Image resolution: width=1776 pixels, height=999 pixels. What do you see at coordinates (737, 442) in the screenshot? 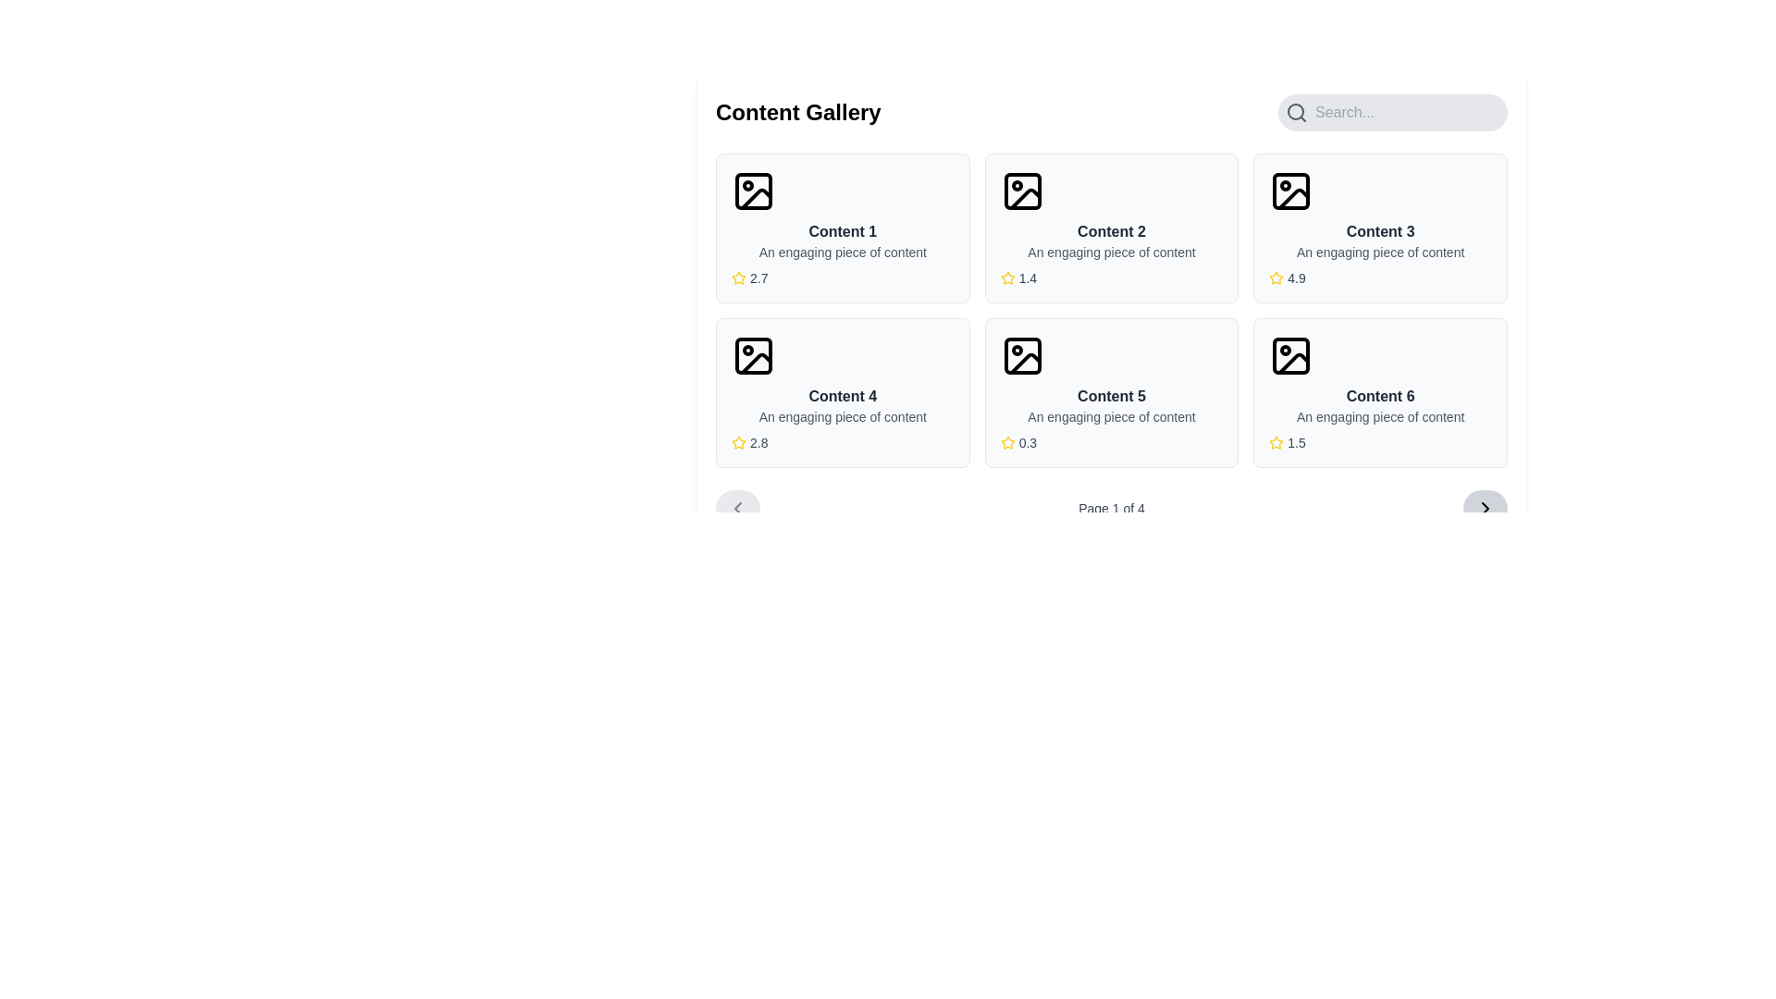
I see `the yellow star icon with an outline design located beside the text indicating a rating value ('2.8') under the title 'Content 4'` at bounding box center [737, 442].